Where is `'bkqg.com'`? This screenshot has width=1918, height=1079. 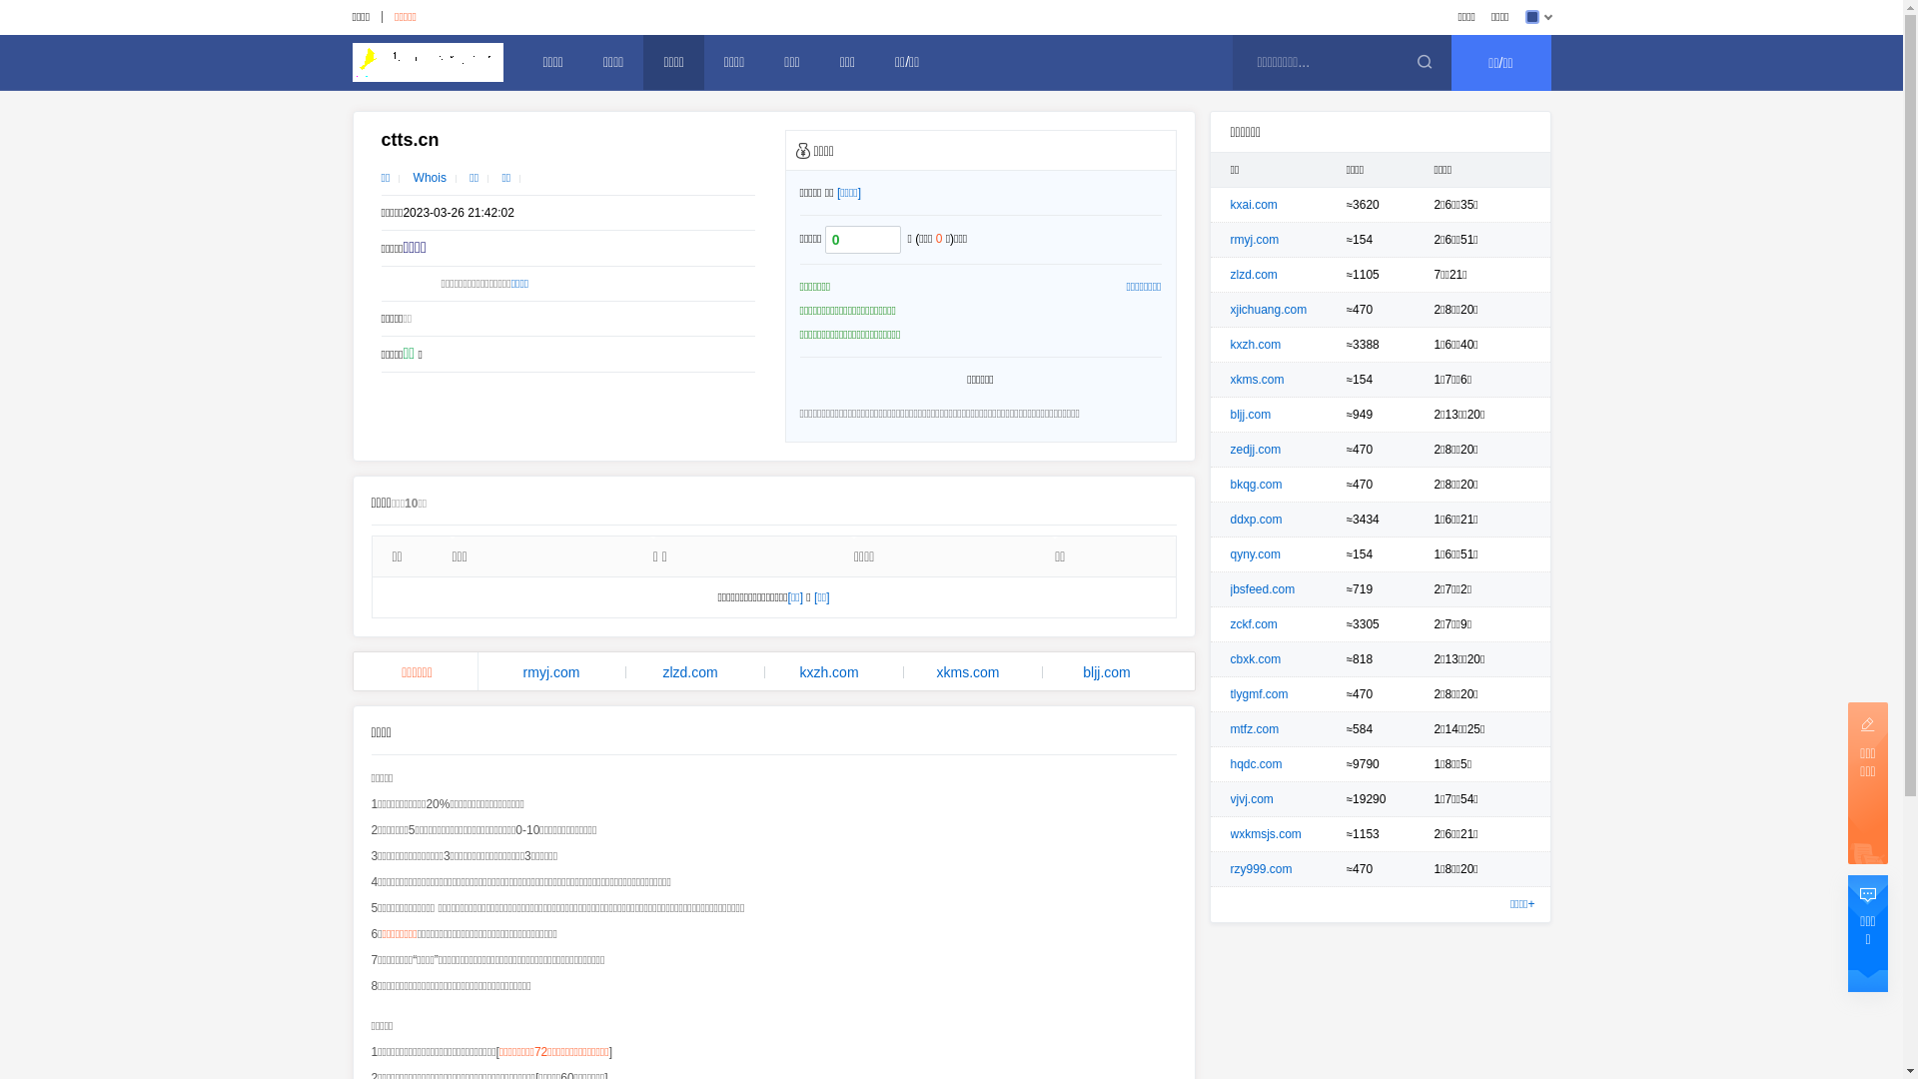
'bkqg.com' is located at coordinates (1255, 485).